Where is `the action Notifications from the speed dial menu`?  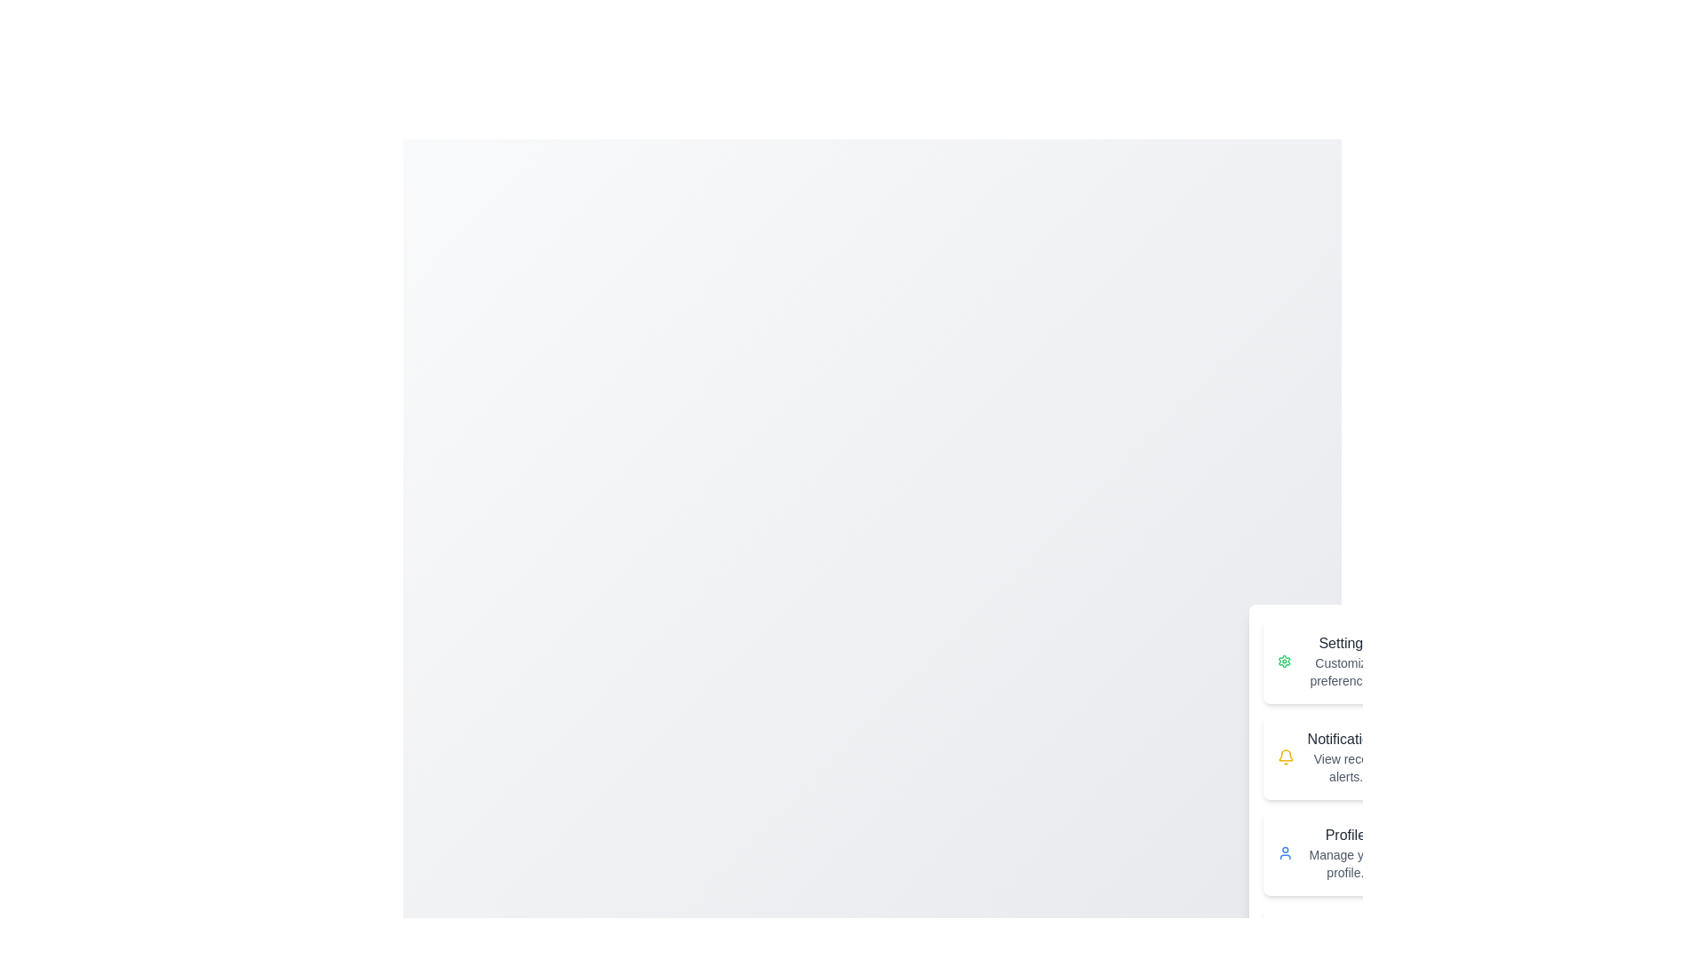
the action Notifications from the speed dial menu is located at coordinates (1331, 757).